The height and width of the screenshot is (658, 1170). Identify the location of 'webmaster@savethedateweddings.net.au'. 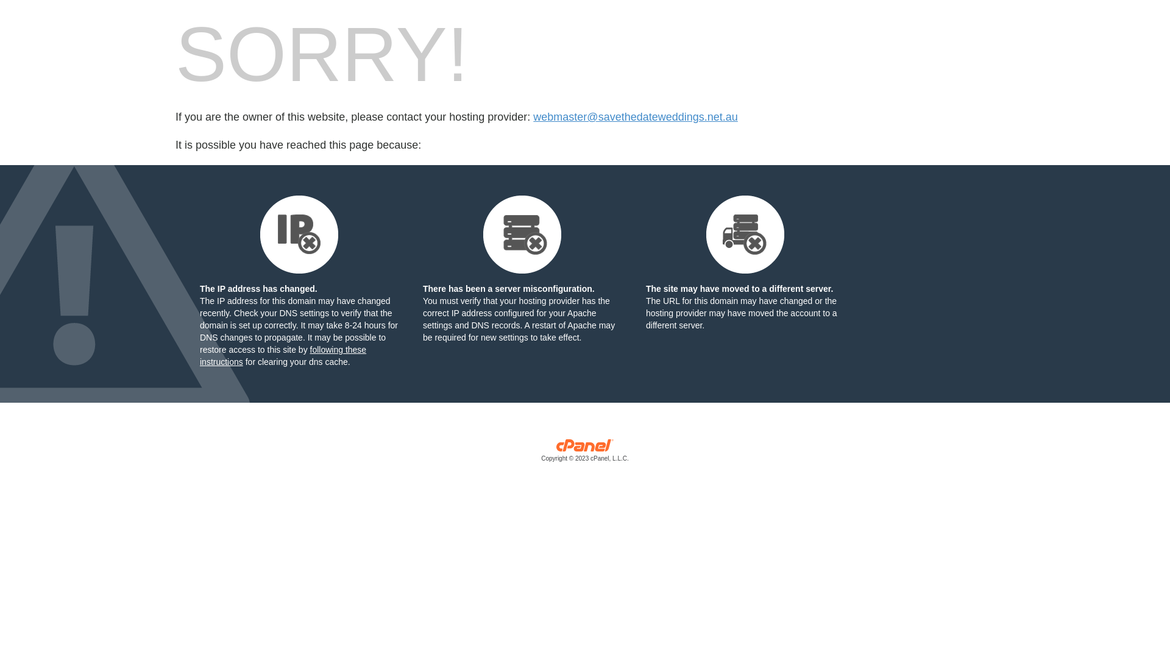
(634, 117).